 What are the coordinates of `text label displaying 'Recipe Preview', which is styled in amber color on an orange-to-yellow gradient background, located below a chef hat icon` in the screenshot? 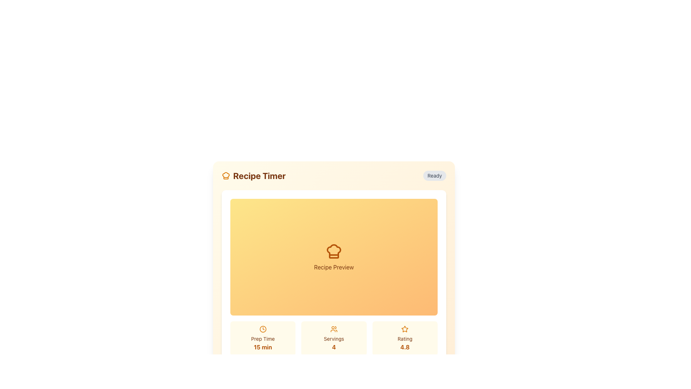 It's located at (333, 267).